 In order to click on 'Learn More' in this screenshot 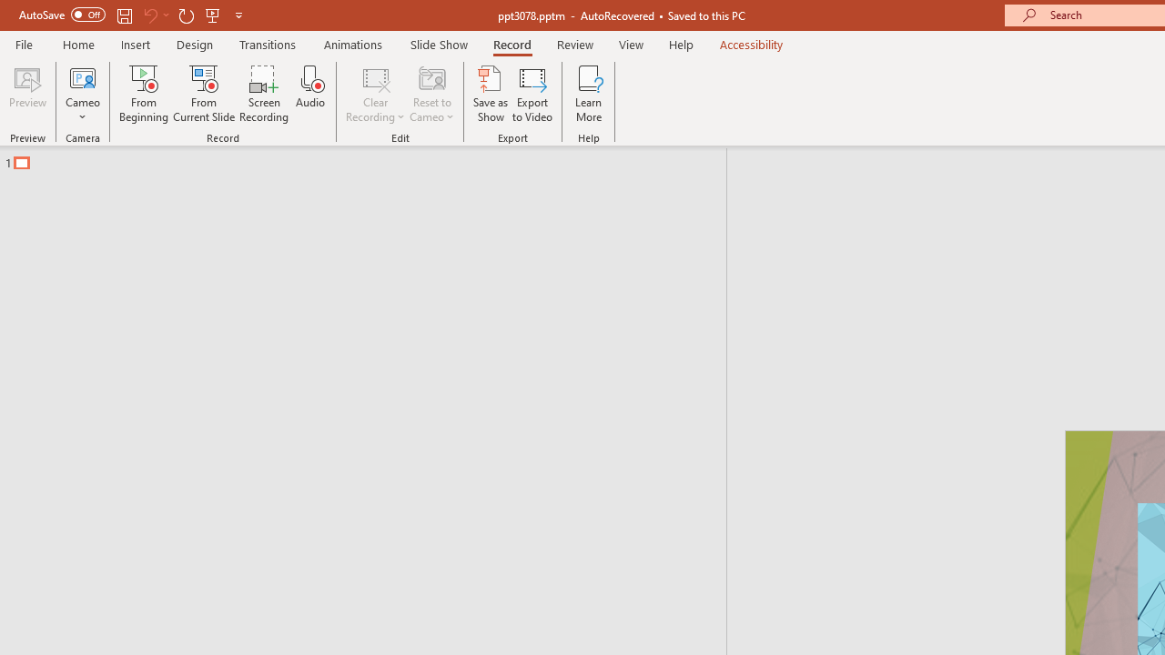, I will do `click(589, 94)`.